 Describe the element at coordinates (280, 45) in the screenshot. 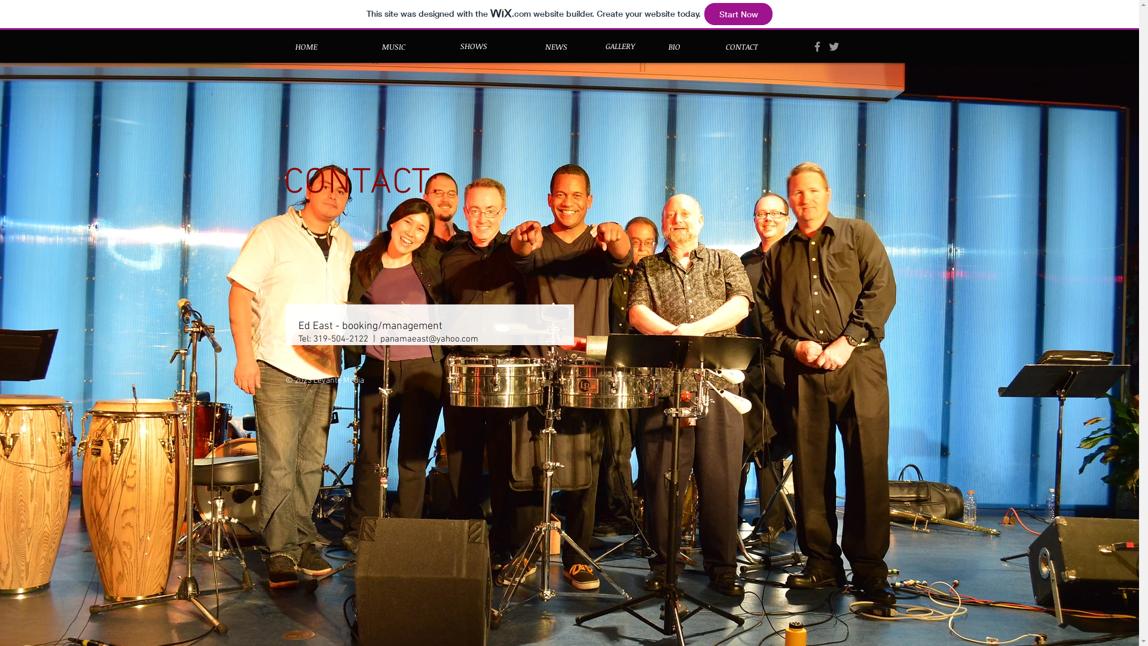

I see `'HOME'` at that location.